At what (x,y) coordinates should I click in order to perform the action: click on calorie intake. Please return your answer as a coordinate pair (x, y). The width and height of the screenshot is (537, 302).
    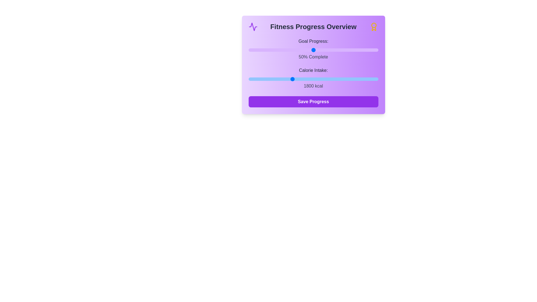
    Looking at the image, I should click on (257, 79).